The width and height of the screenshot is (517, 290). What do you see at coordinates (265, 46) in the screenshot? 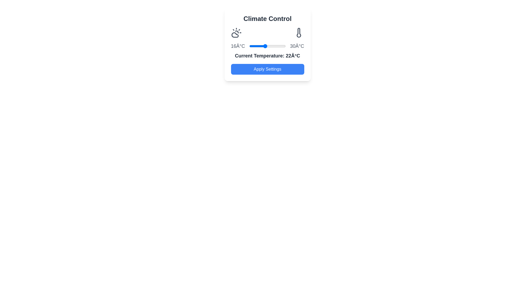
I see `the temperature` at bounding box center [265, 46].